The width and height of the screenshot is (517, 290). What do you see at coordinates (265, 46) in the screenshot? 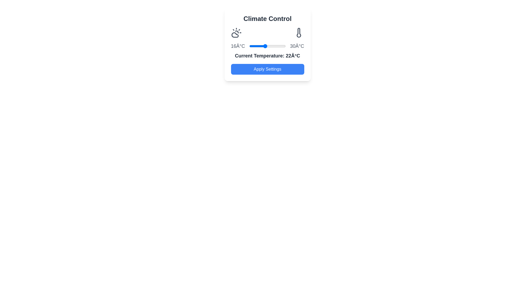
I see `the temperature` at bounding box center [265, 46].